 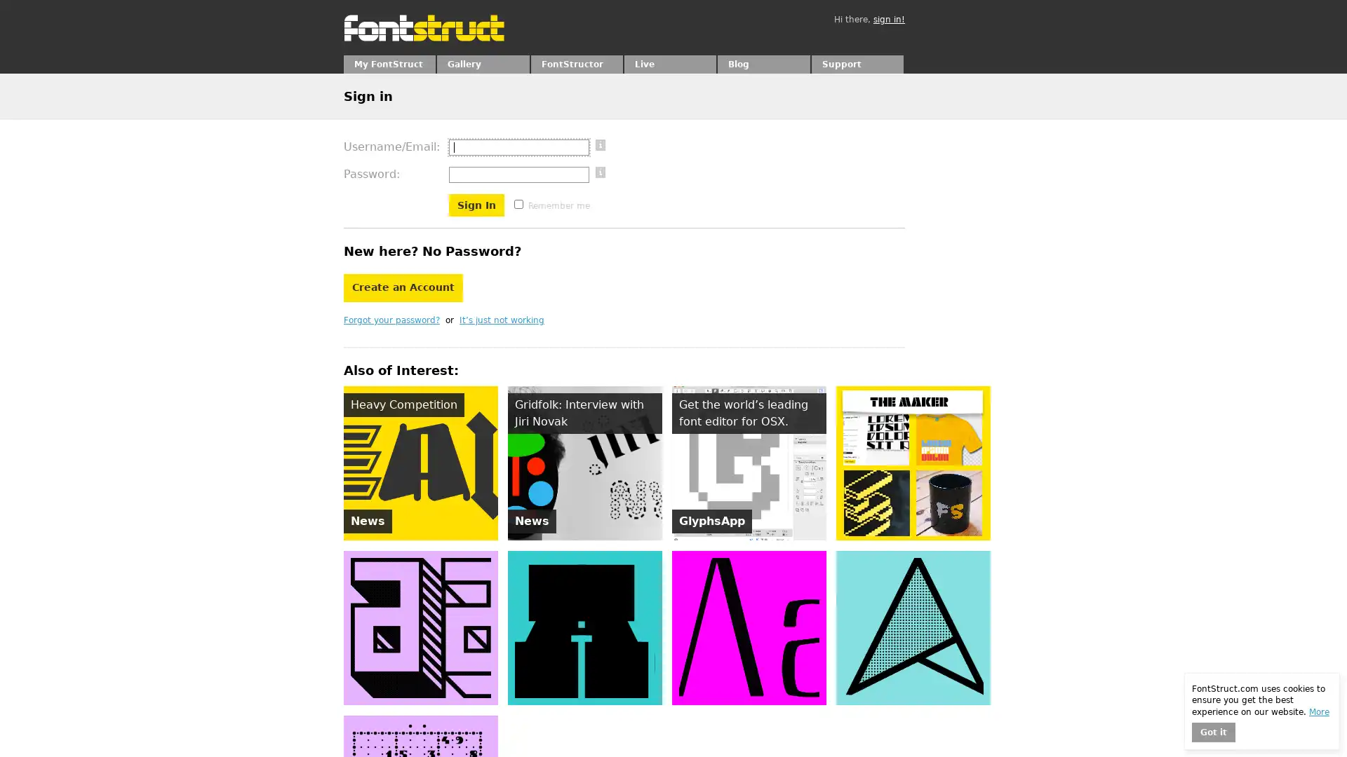 What do you see at coordinates (476, 205) in the screenshot?
I see `Sign In` at bounding box center [476, 205].